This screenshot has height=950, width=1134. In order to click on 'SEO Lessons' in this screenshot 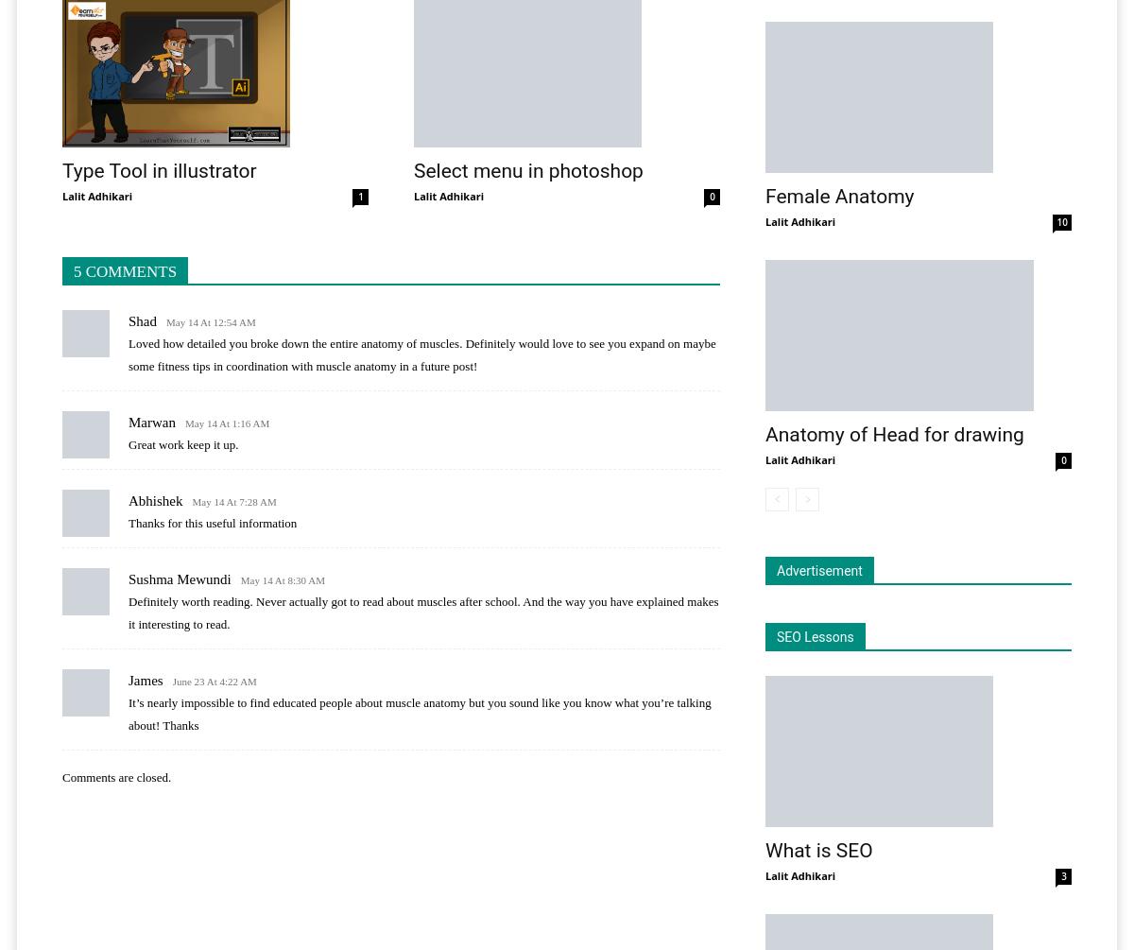, I will do `click(814, 636)`.